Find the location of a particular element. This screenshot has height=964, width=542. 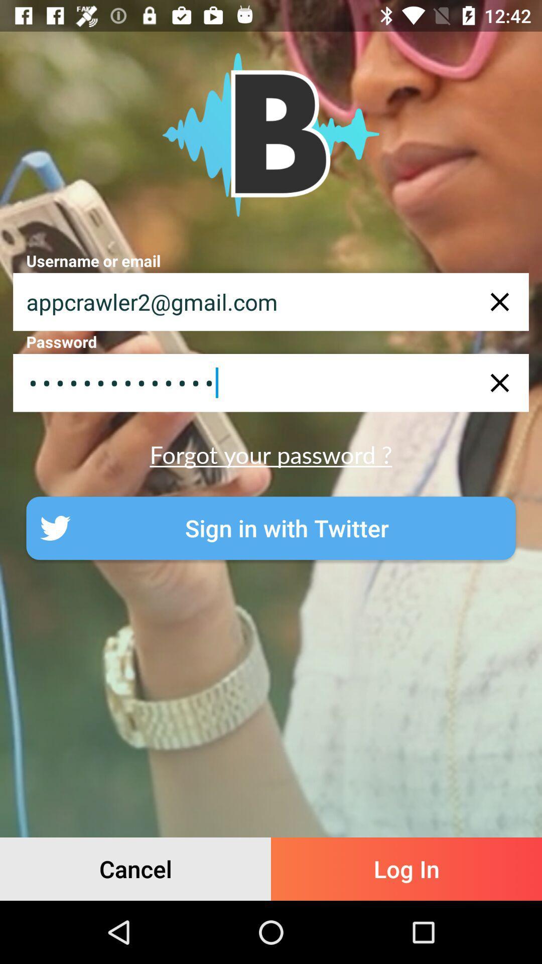

item above forgot your password ? item is located at coordinates (271, 382).